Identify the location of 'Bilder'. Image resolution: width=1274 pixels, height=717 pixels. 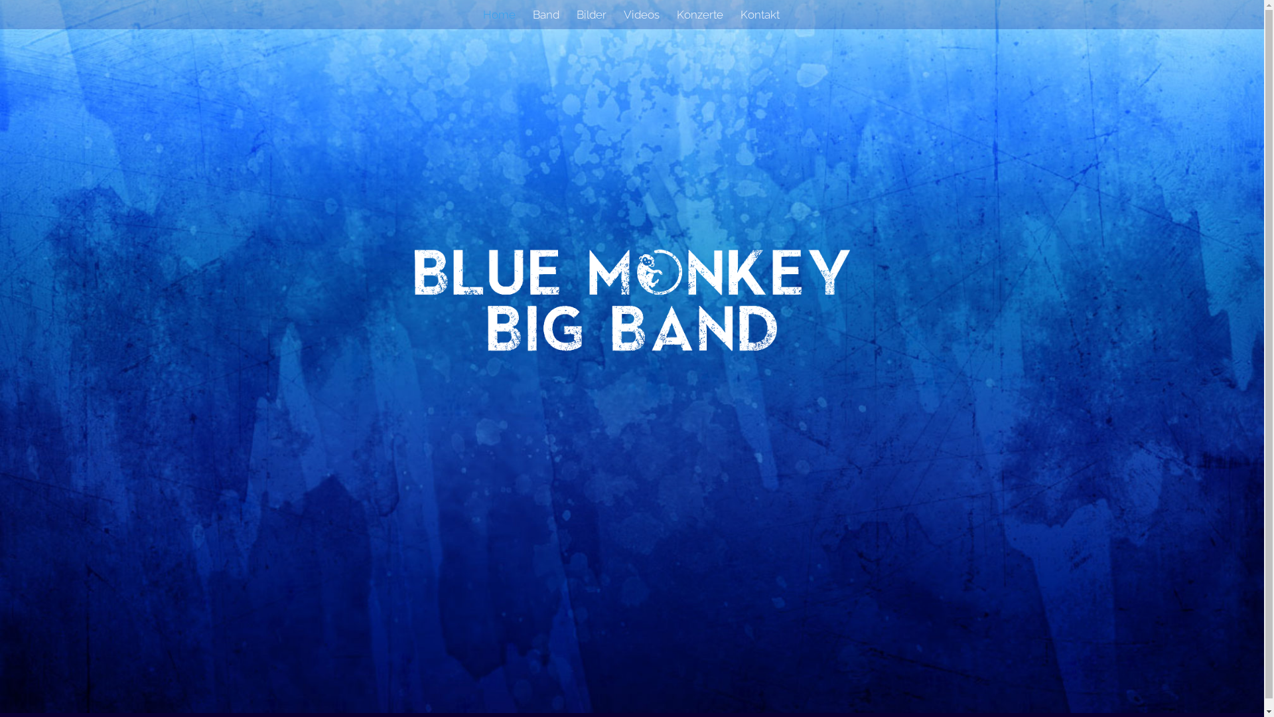
(591, 19).